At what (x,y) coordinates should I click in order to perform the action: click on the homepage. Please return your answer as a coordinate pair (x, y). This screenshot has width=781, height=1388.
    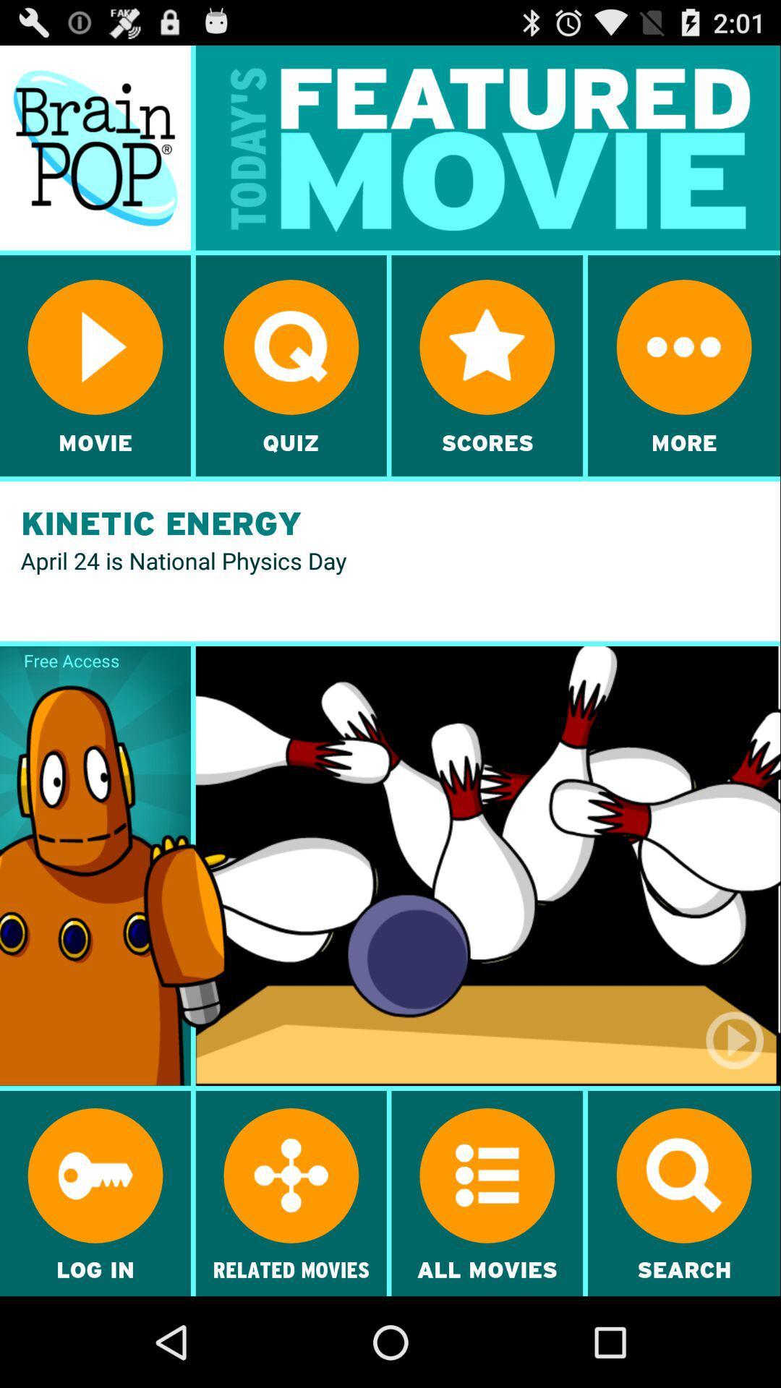
    Looking at the image, I should click on (95, 147).